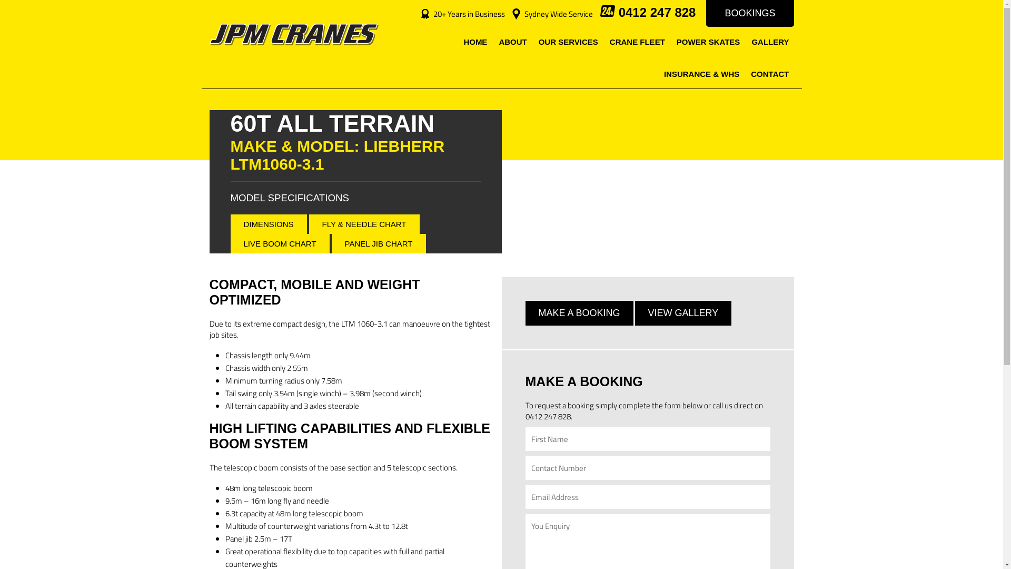 The image size is (1011, 569). I want to click on 'GALLERY', so click(746, 42).